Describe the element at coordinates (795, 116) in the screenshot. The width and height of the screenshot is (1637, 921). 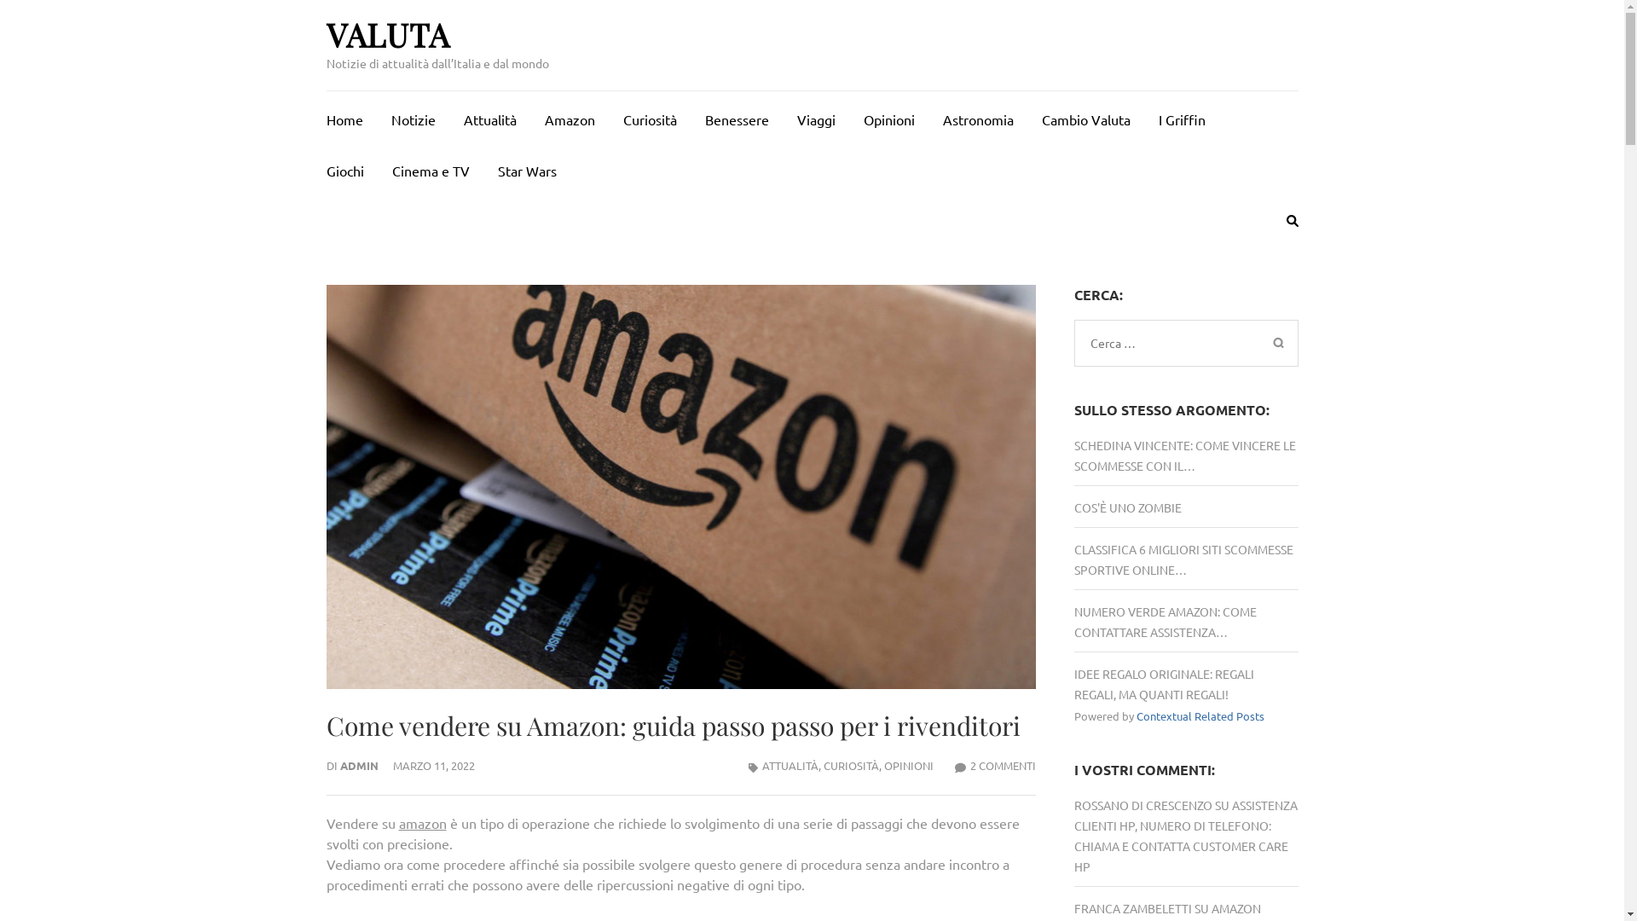
I see `'Viaggi'` at that location.